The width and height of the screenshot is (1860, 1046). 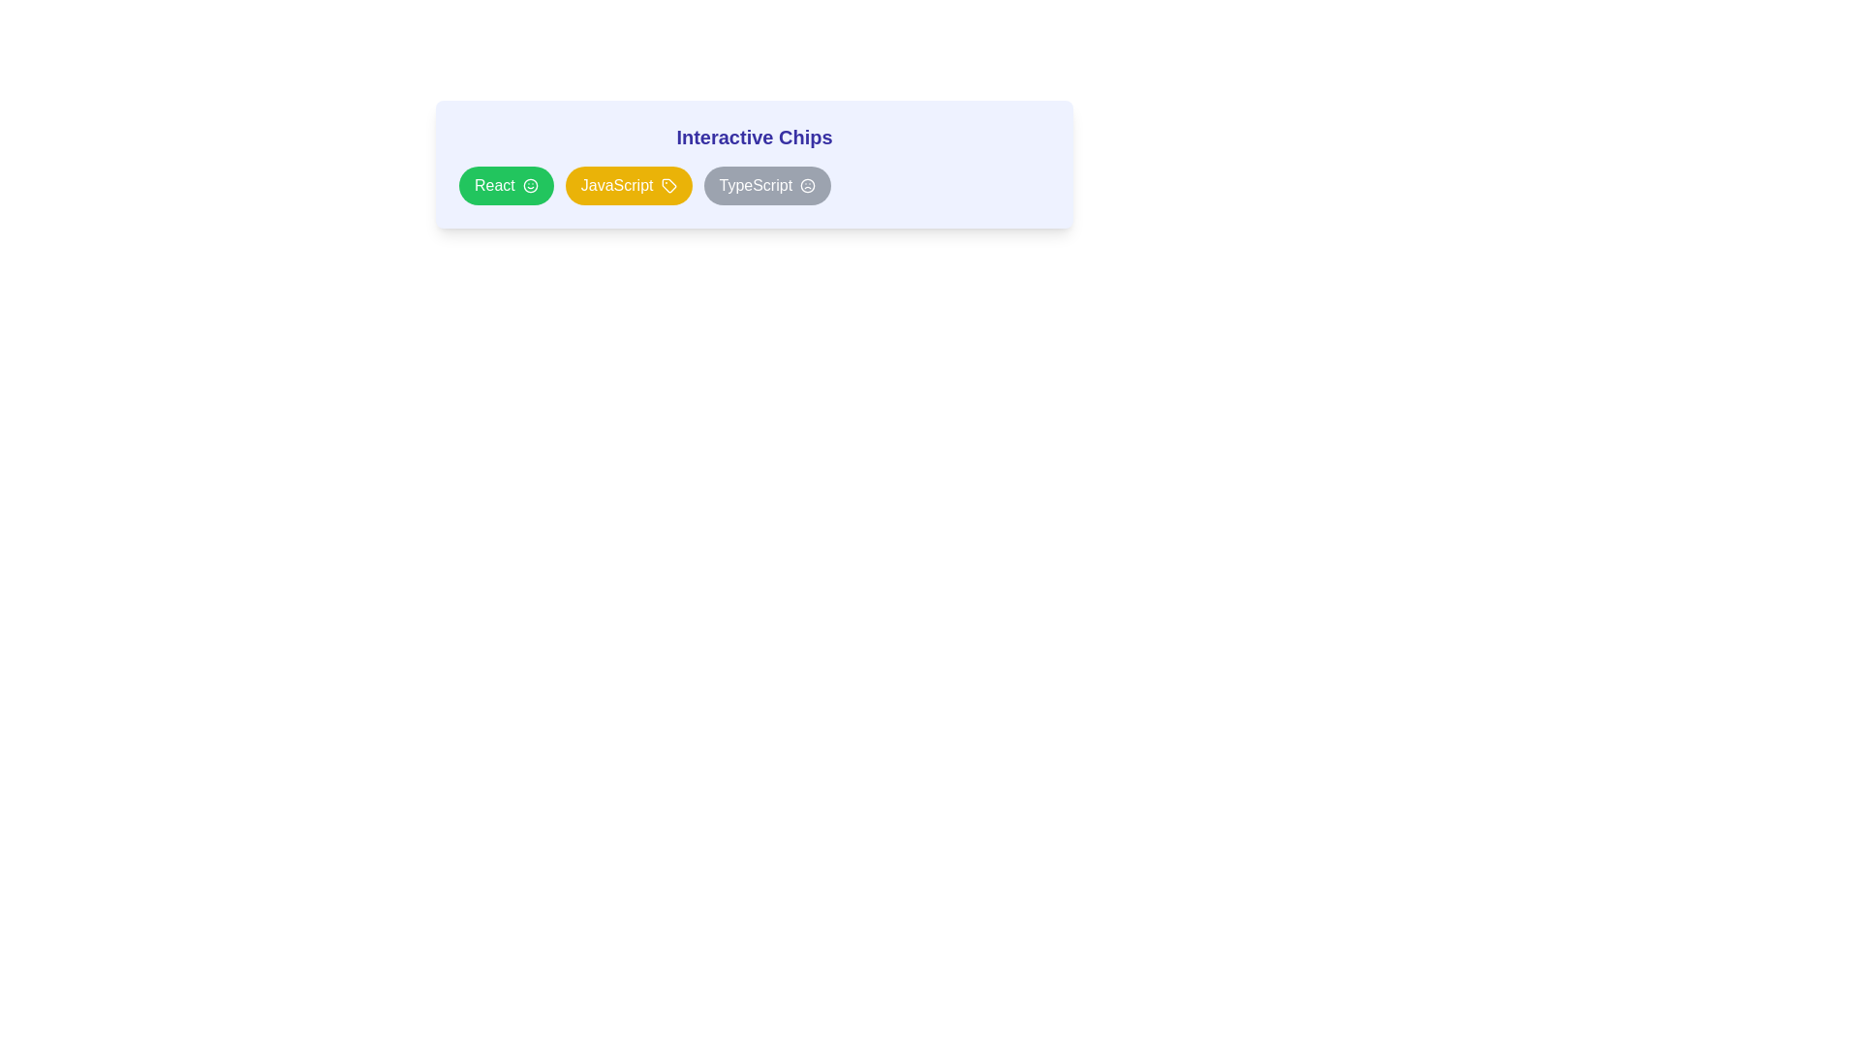 What do you see at coordinates (506, 186) in the screenshot?
I see `the Chip-like button labeled 'React', which is the first button in a row of three similar buttons aligned horizontally at the top-left area of the group` at bounding box center [506, 186].